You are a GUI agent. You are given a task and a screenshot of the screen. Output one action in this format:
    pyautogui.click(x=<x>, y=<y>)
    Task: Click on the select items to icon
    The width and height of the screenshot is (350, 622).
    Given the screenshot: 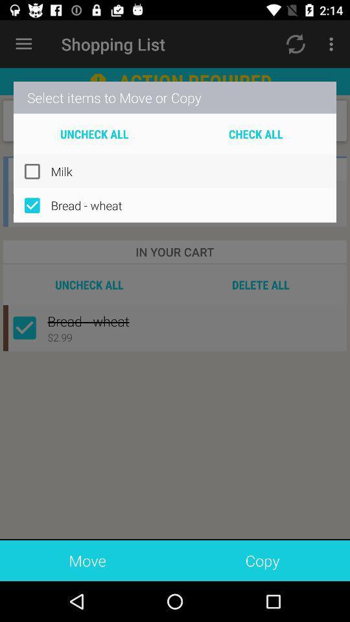 What is the action you would take?
    pyautogui.click(x=175, y=97)
    